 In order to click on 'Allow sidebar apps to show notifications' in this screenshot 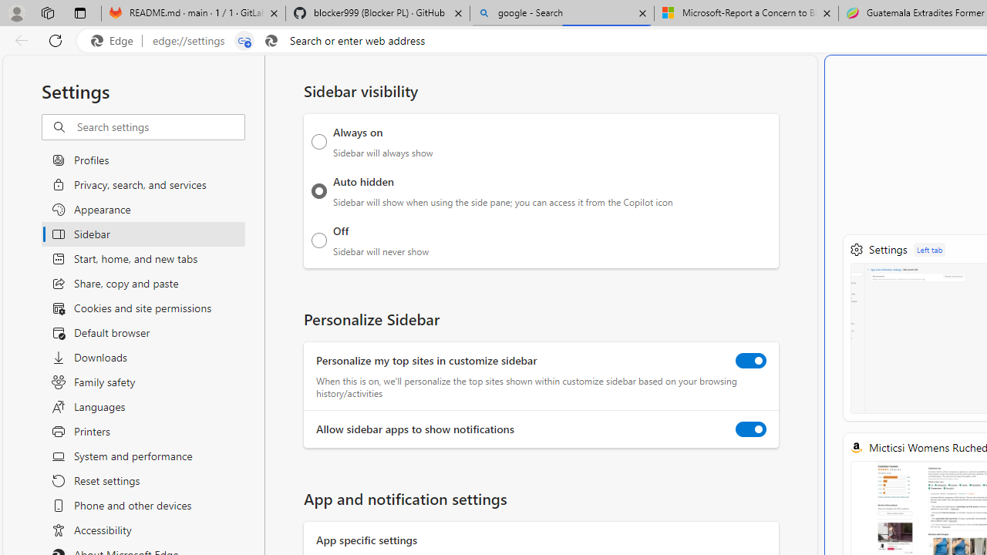, I will do `click(751, 429)`.